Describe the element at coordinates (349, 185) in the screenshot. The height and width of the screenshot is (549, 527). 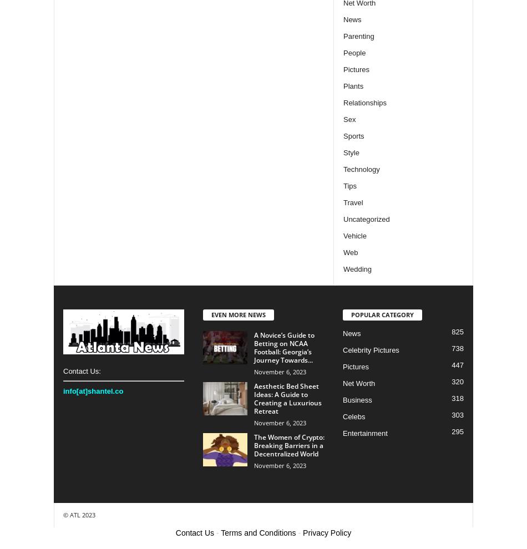
I see `'Tips'` at that location.